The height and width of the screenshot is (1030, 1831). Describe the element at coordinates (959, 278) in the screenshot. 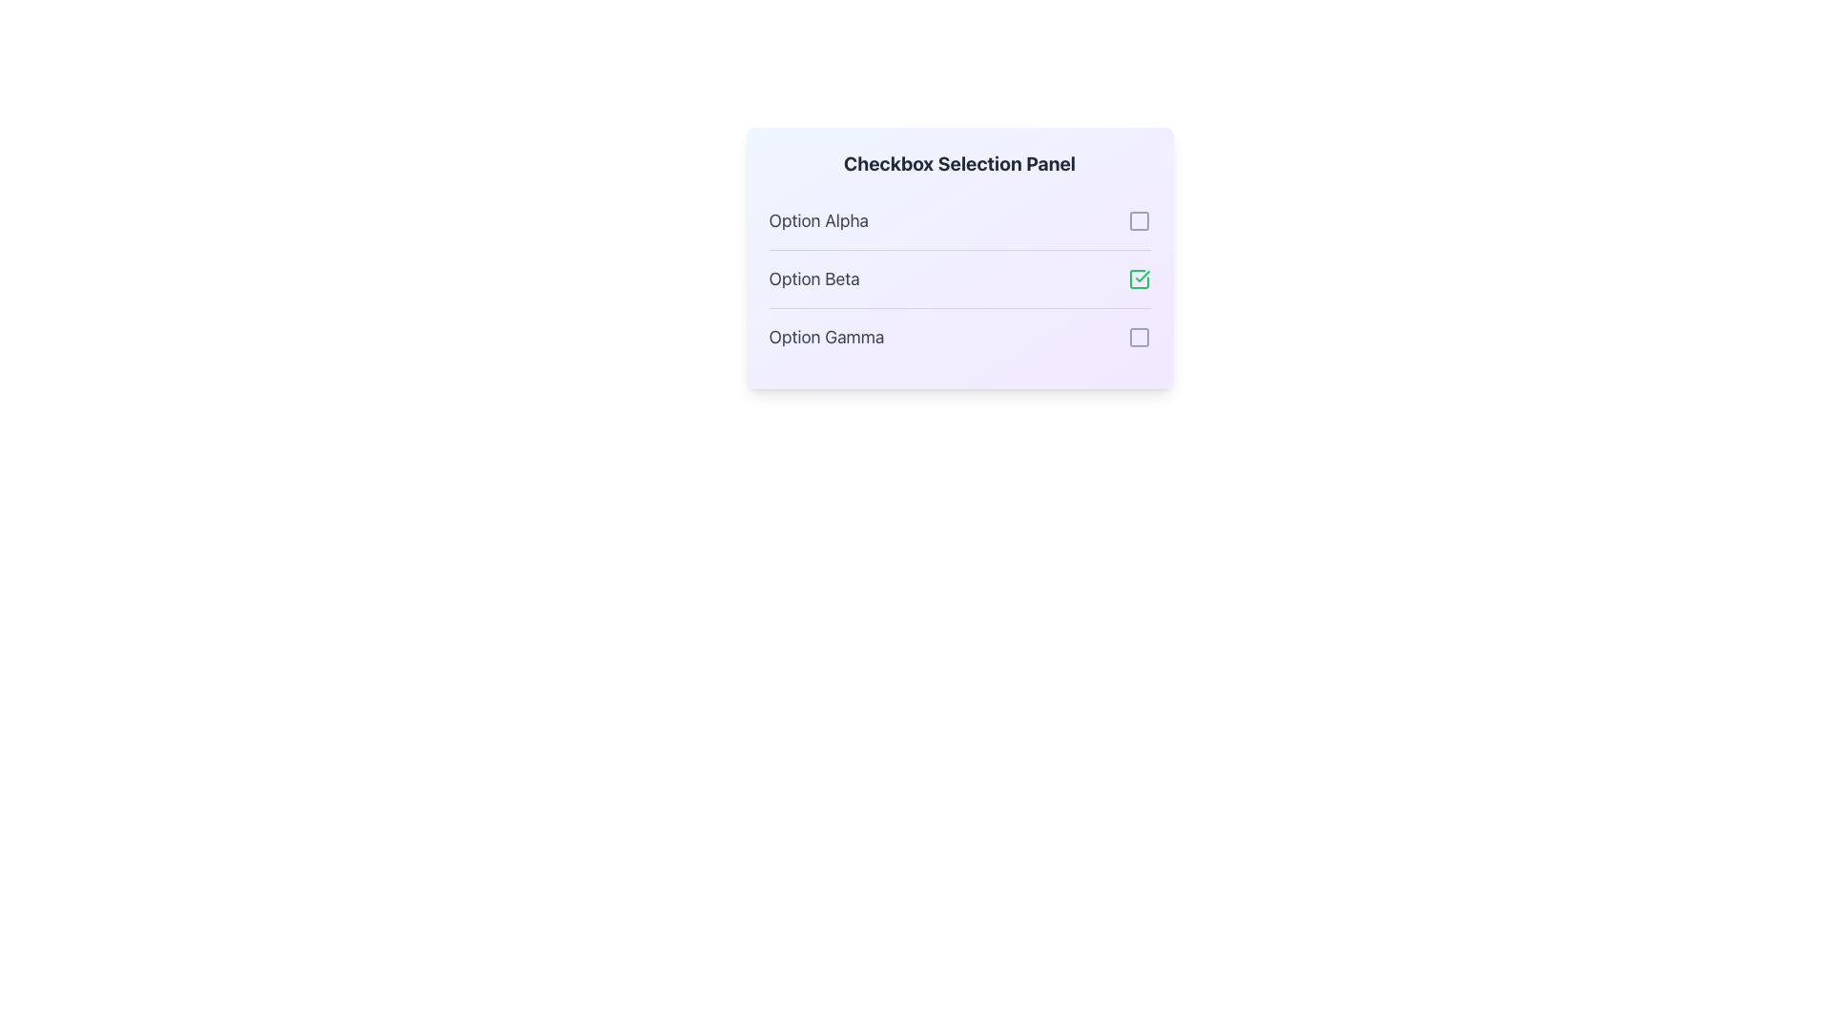

I see `the checkbox in the second row of the 'Checkbox Selection Panel'` at that location.